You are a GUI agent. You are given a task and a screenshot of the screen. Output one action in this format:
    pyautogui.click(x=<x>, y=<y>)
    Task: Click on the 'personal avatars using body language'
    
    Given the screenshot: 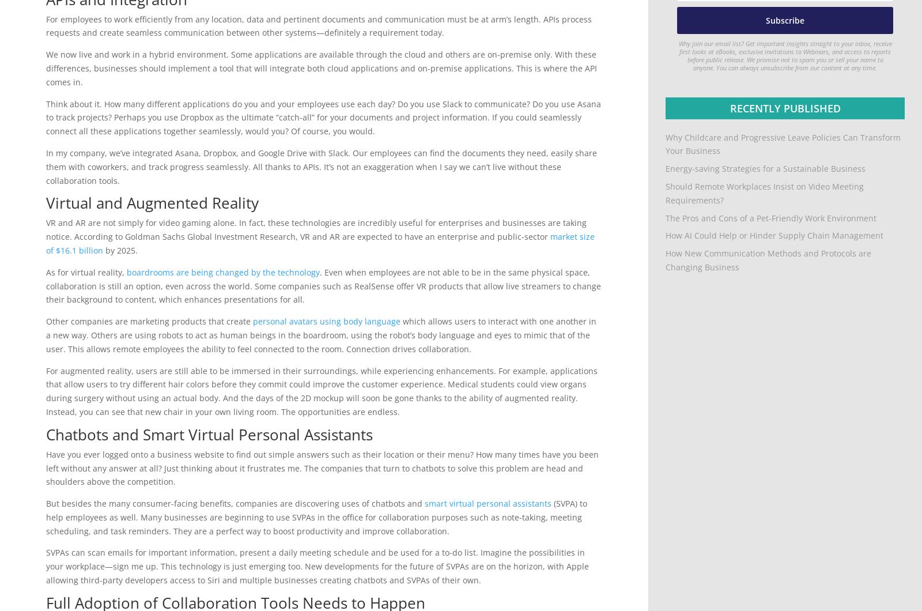 What is the action you would take?
    pyautogui.click(x=326, y=321)
    